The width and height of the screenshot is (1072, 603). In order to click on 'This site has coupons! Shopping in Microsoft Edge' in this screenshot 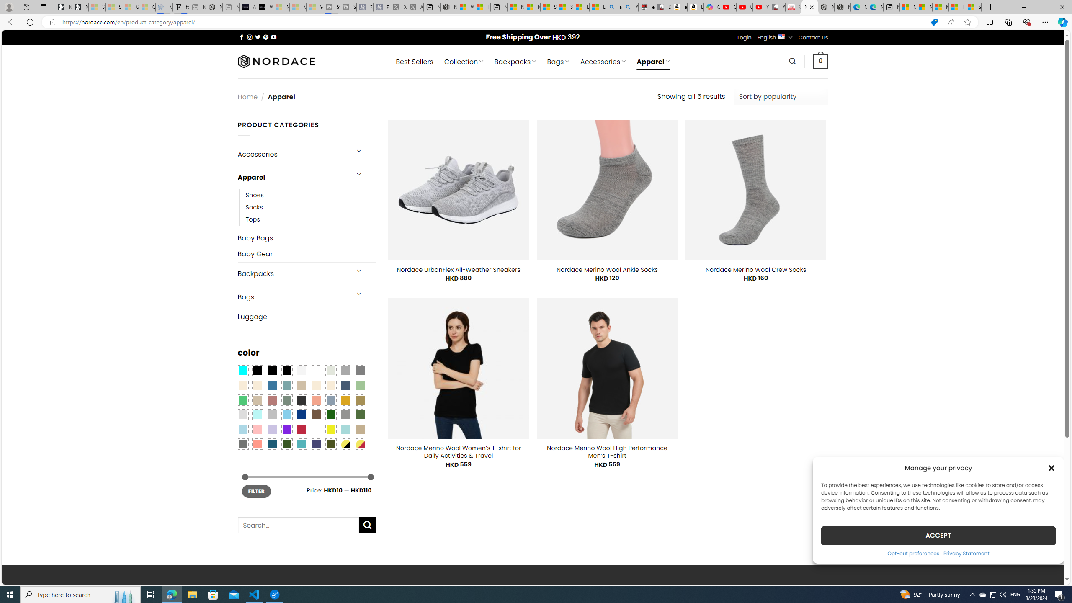, I will do `click(934, 22)`.